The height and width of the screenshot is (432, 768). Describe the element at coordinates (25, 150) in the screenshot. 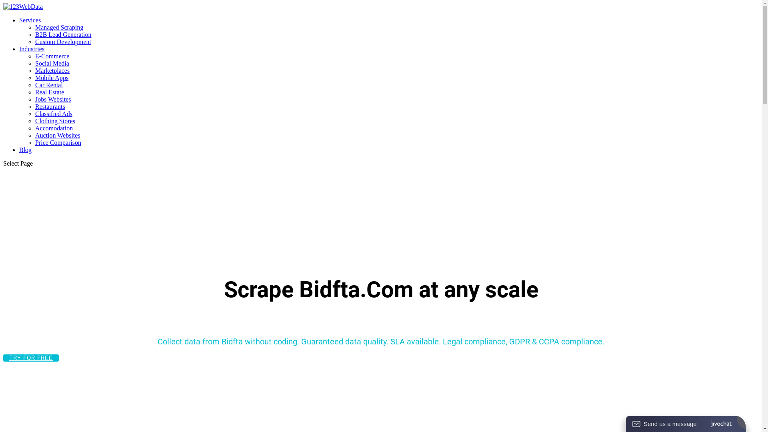

I see `'Blog'` at that location.